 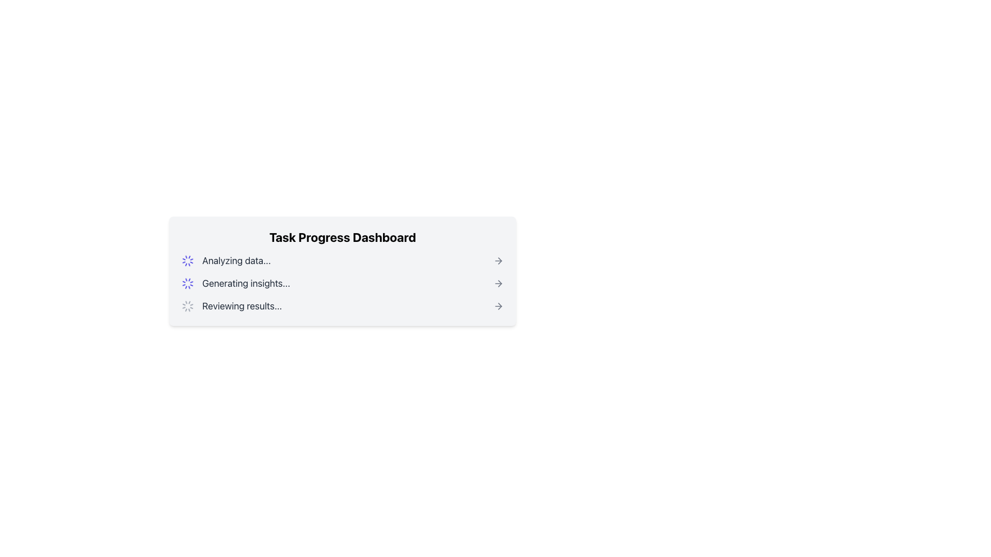 I want to click on the animated spinner in the status indicator labeled 'Analyzing data...' to check for progress, so click(x=342, y=260).